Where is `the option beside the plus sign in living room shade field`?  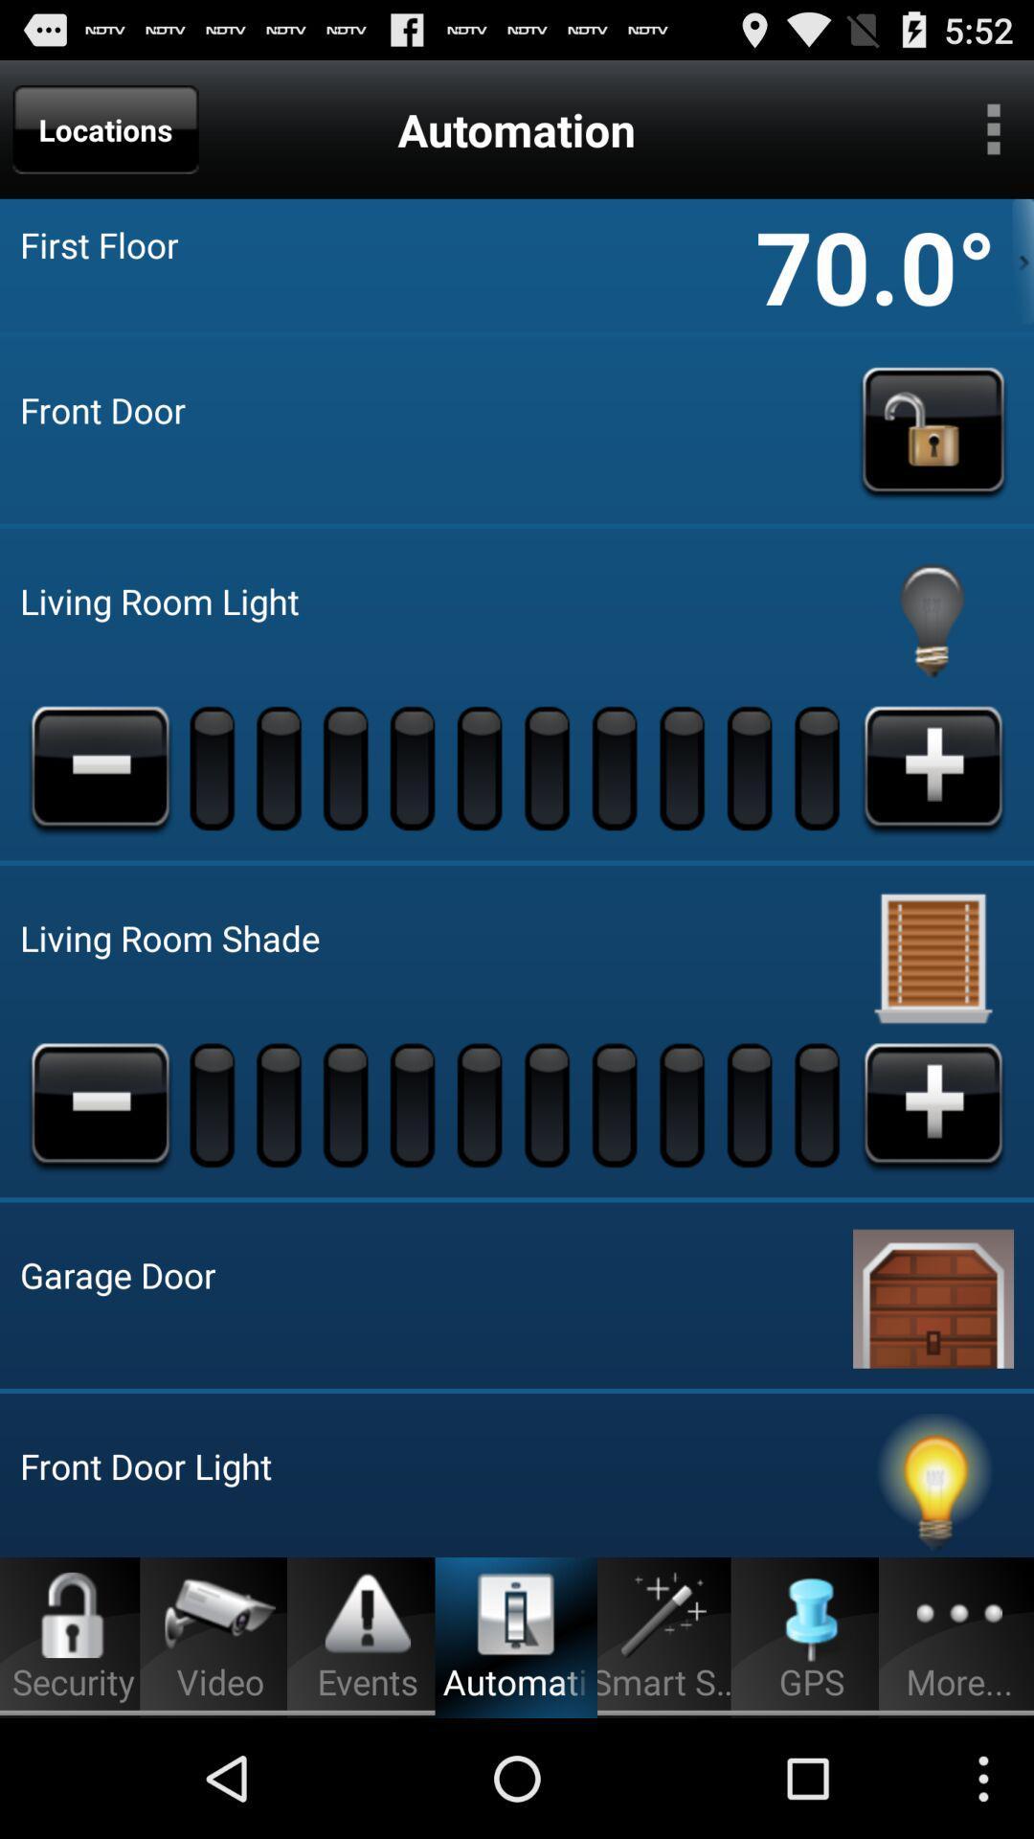 the option beside the plus sign in living room shade field is located at coordinates (819, 1103).